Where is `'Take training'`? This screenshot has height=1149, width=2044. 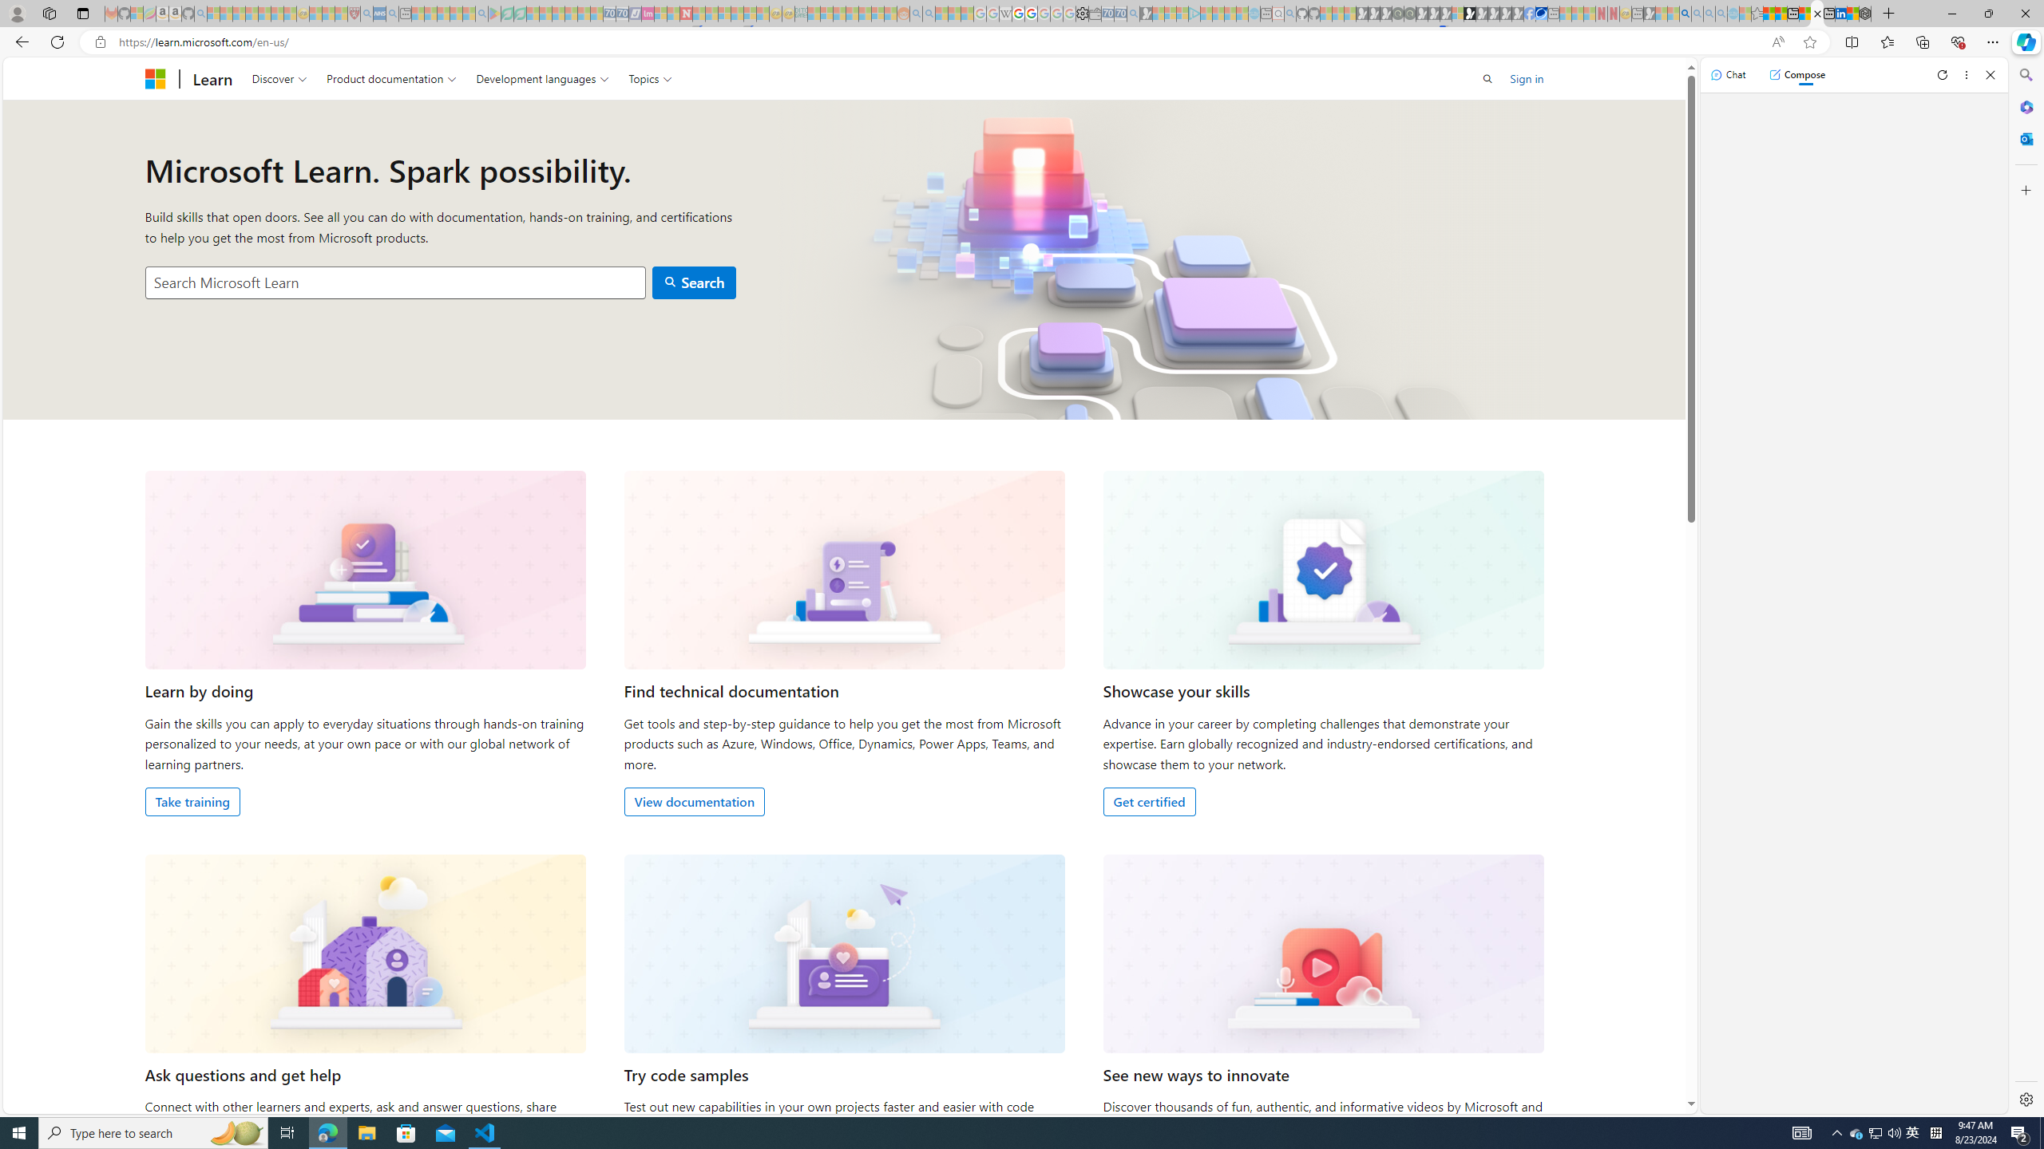
'Take training' is located at coordinates (192, 800).